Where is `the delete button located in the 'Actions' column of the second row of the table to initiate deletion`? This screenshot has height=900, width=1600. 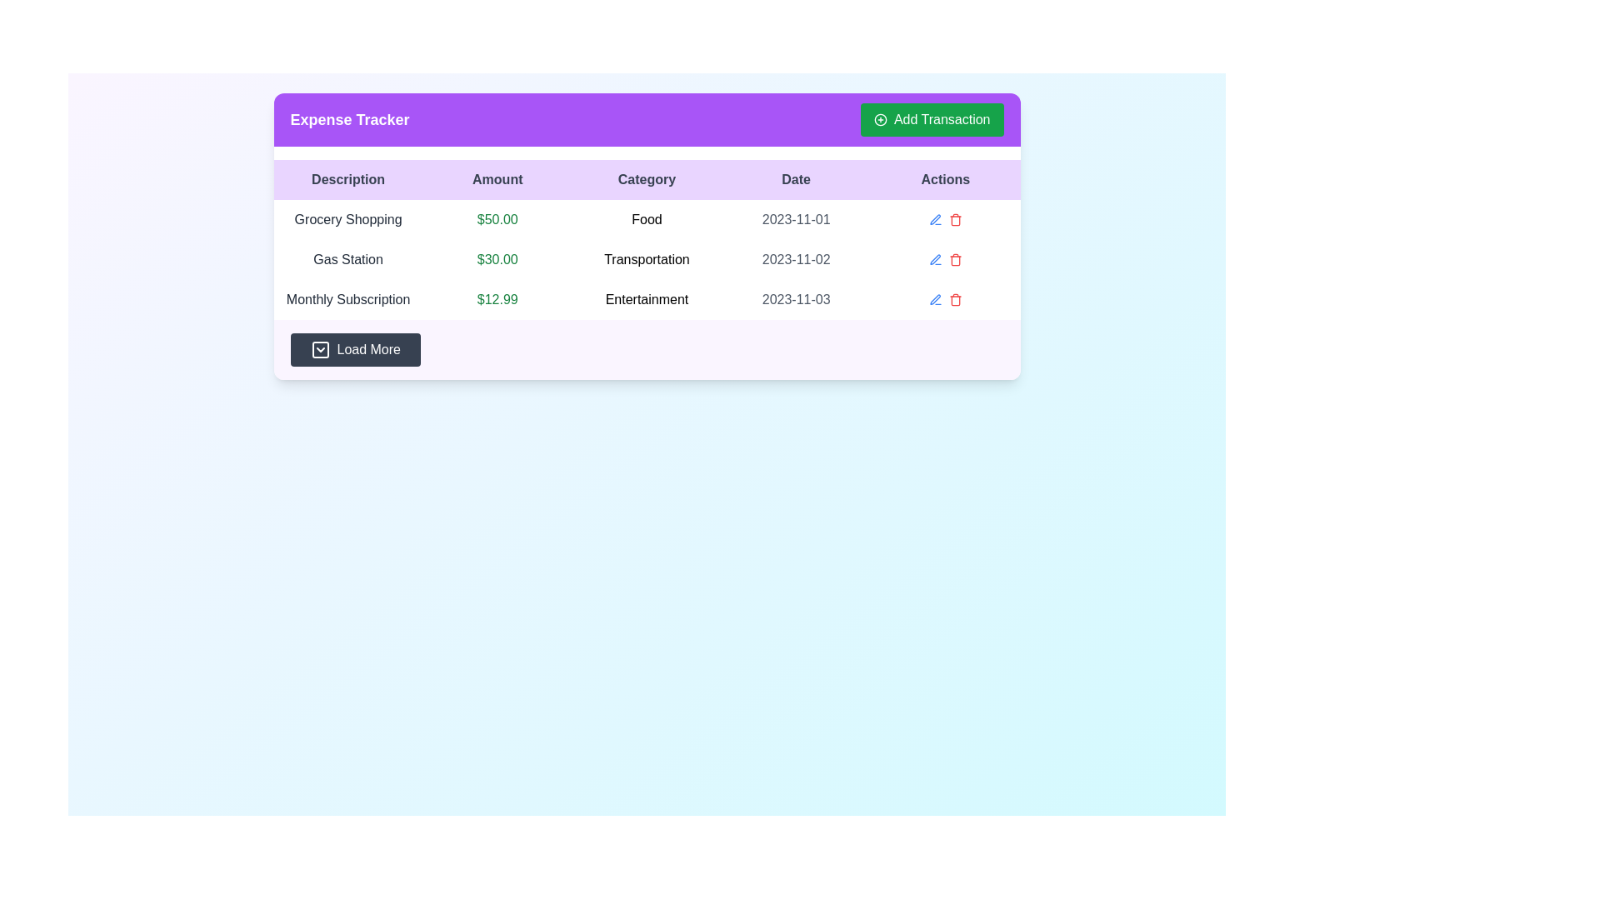 the delete button located in the 'Actions' column of the second row of the table to initiate deletion is located at coordinates (955, 260).